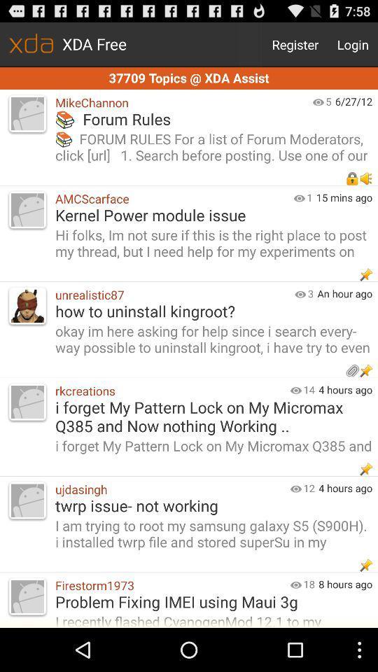 The image size is (378, 672). Describe the element at coordinates (171, 295) in the screenshot. I see `the unrealistic87` at that location.